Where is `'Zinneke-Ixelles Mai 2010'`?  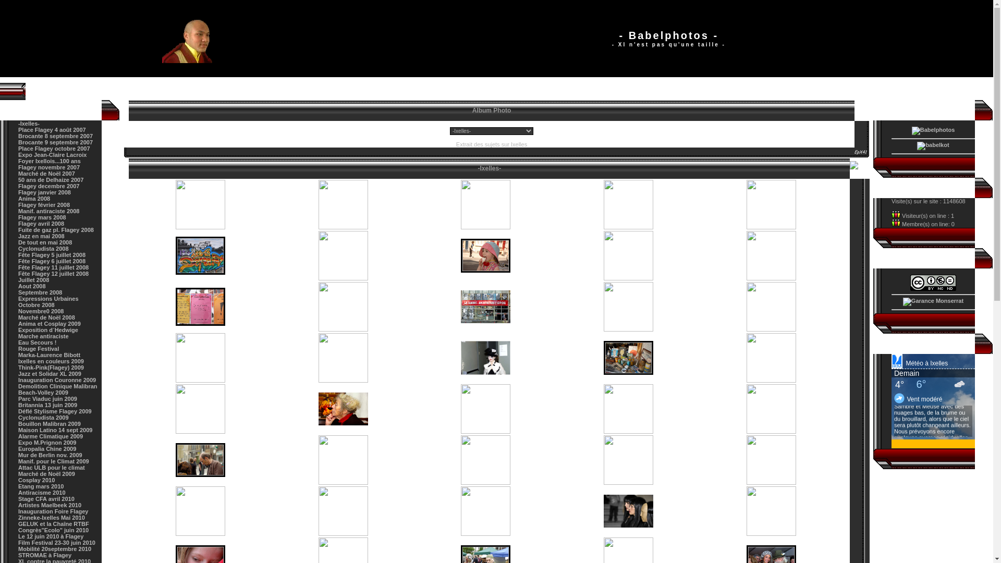
'Zinneke-Ixelles Mai 2010' is located at coordinates (51, 517).